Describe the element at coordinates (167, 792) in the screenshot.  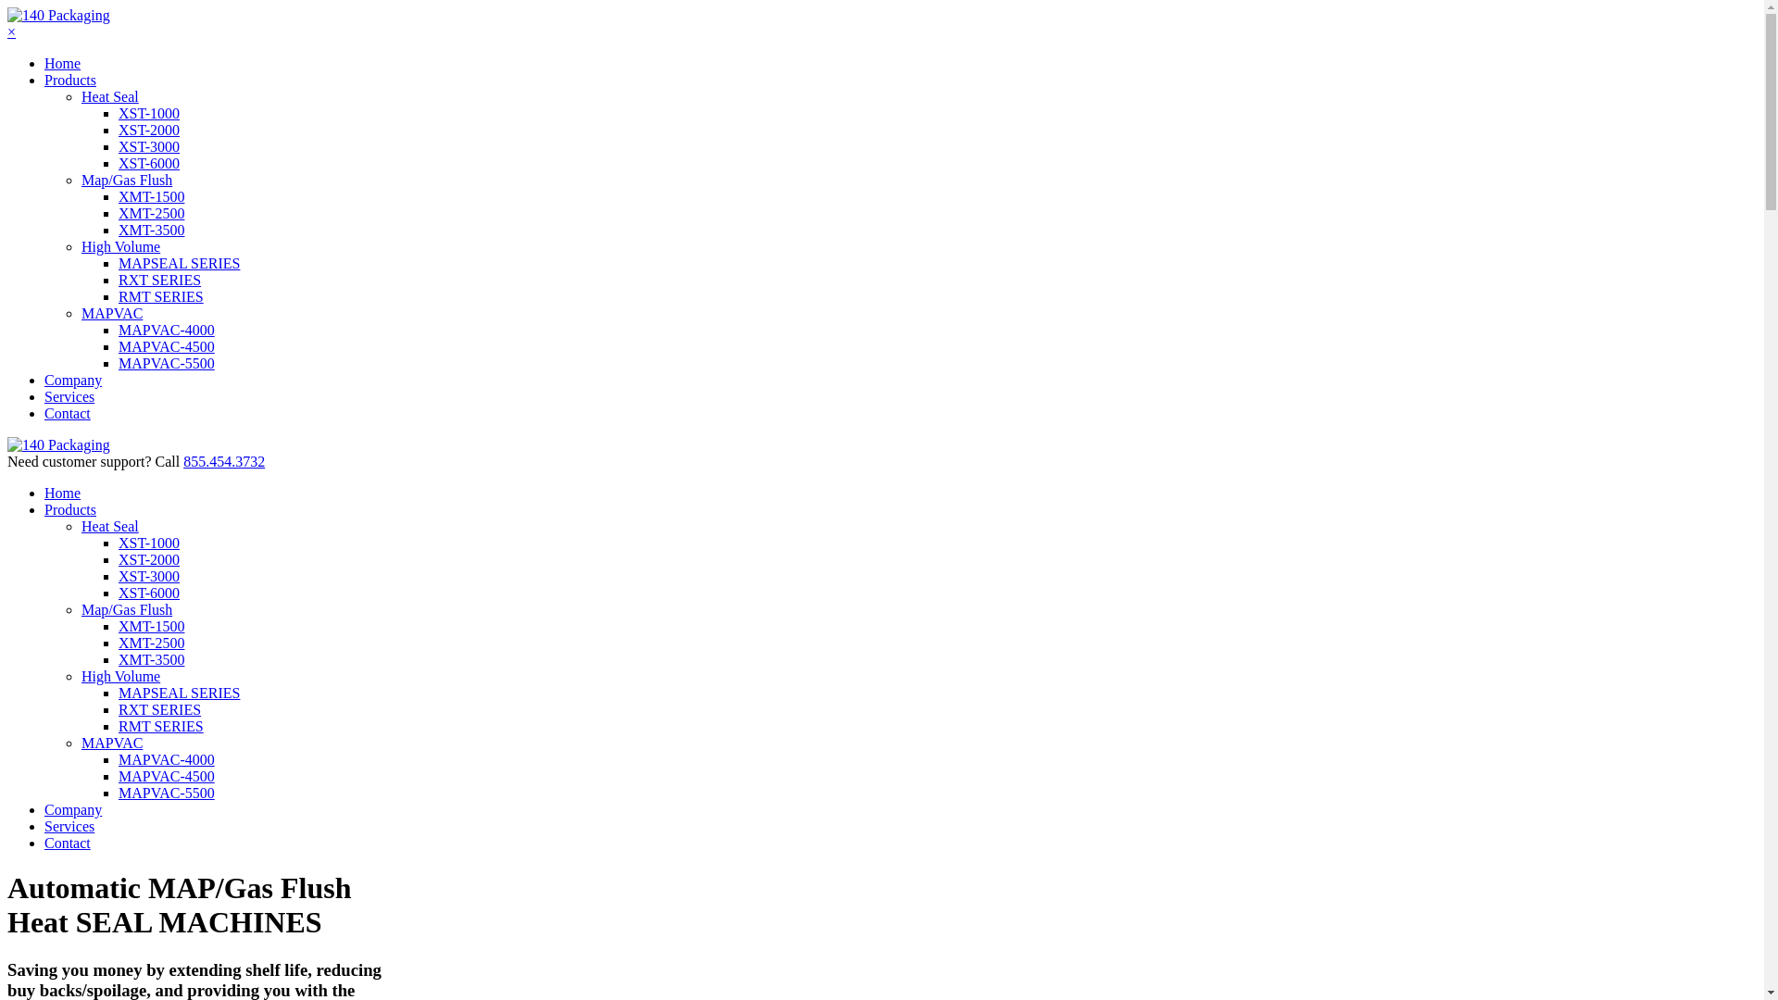
I see `'MAPVAC-5500'` at that location.